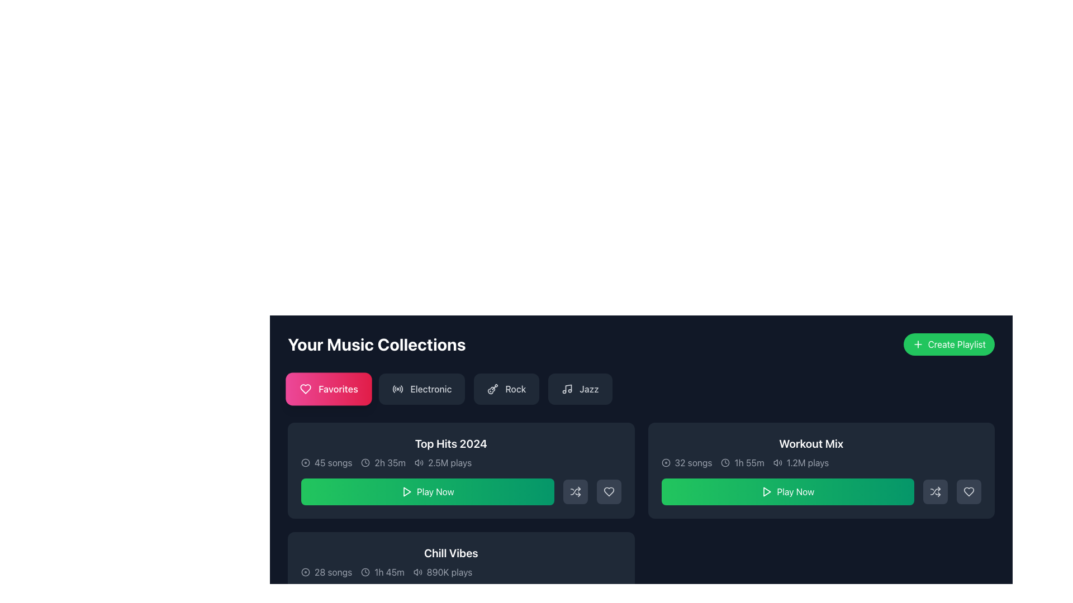 This screenshot has height=603, width=1073. What do you see at coordinates (725, 463) in the screenshot?
I see `the static icon representing a time duration located to the left of the text '1h 55m' in the 'Workout Mix' panel under the 'Your Music Collections' section` at bounding box center [725, 463].